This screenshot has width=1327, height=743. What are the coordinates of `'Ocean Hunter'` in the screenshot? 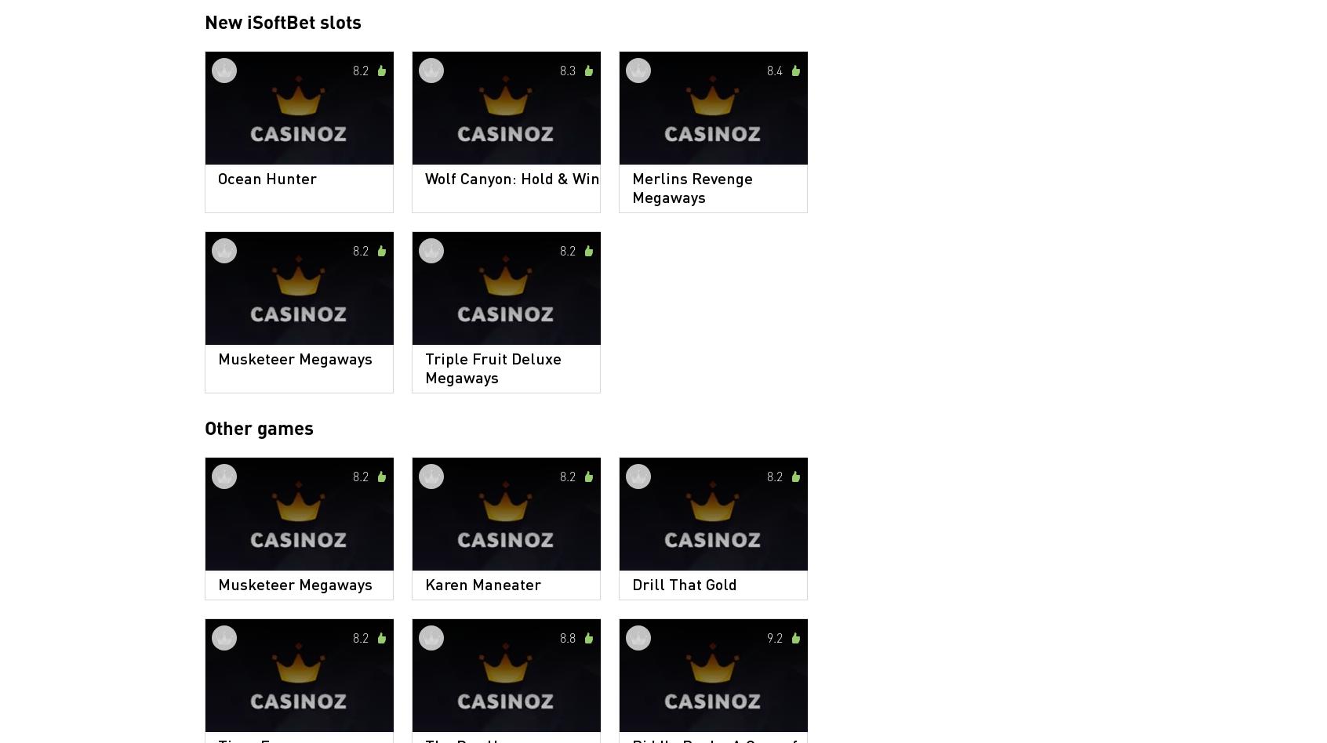 It's located at (266, 176).